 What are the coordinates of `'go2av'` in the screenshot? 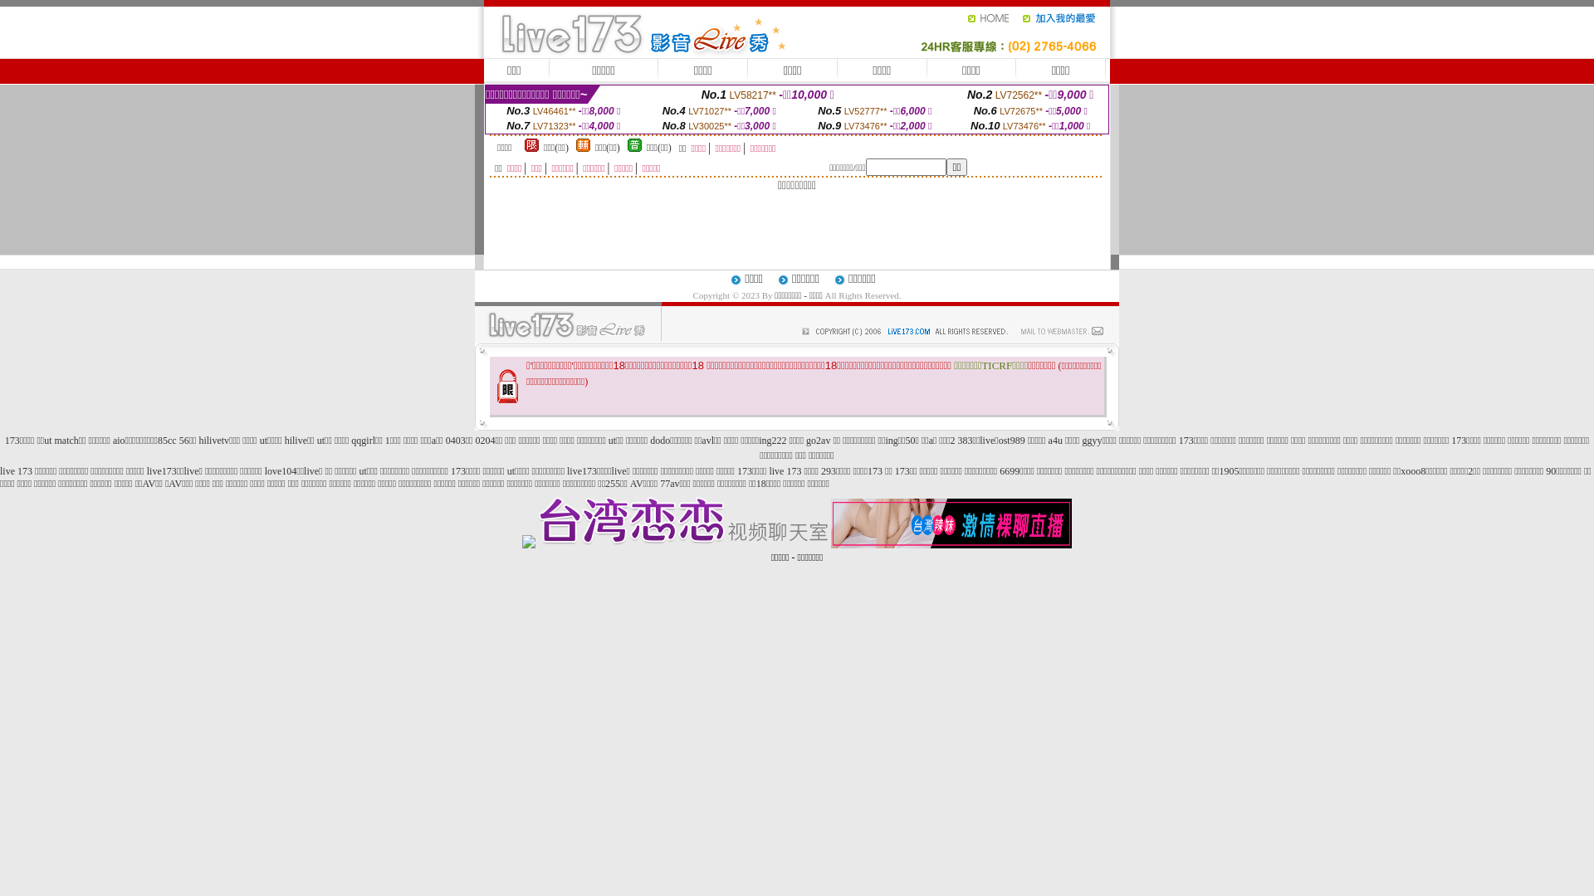 It's located at (818, 440).